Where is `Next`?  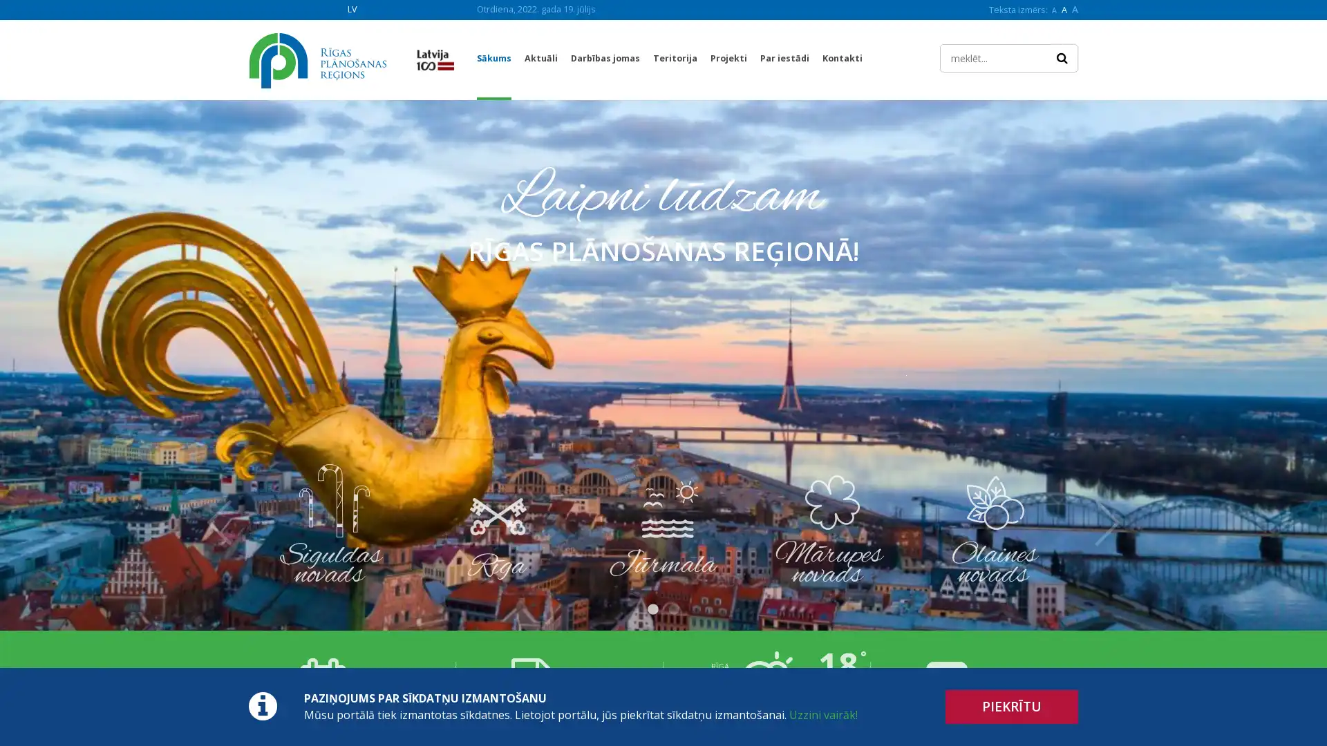 Next is located at coordinates (1107, 522).